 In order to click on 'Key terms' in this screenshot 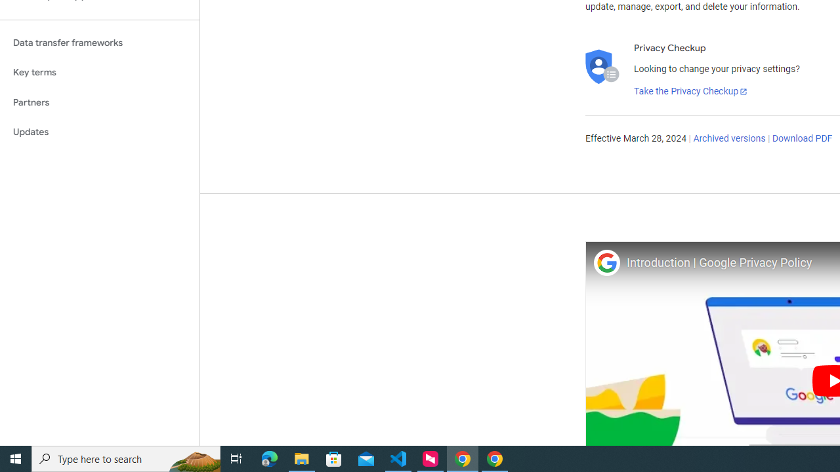, I will do `click(99, 72)`.